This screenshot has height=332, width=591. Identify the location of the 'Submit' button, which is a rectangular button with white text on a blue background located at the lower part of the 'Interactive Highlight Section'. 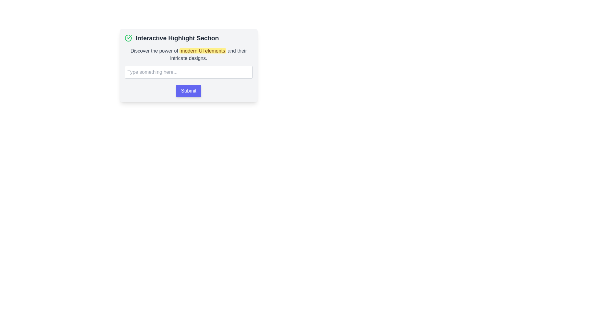
(188, 91).